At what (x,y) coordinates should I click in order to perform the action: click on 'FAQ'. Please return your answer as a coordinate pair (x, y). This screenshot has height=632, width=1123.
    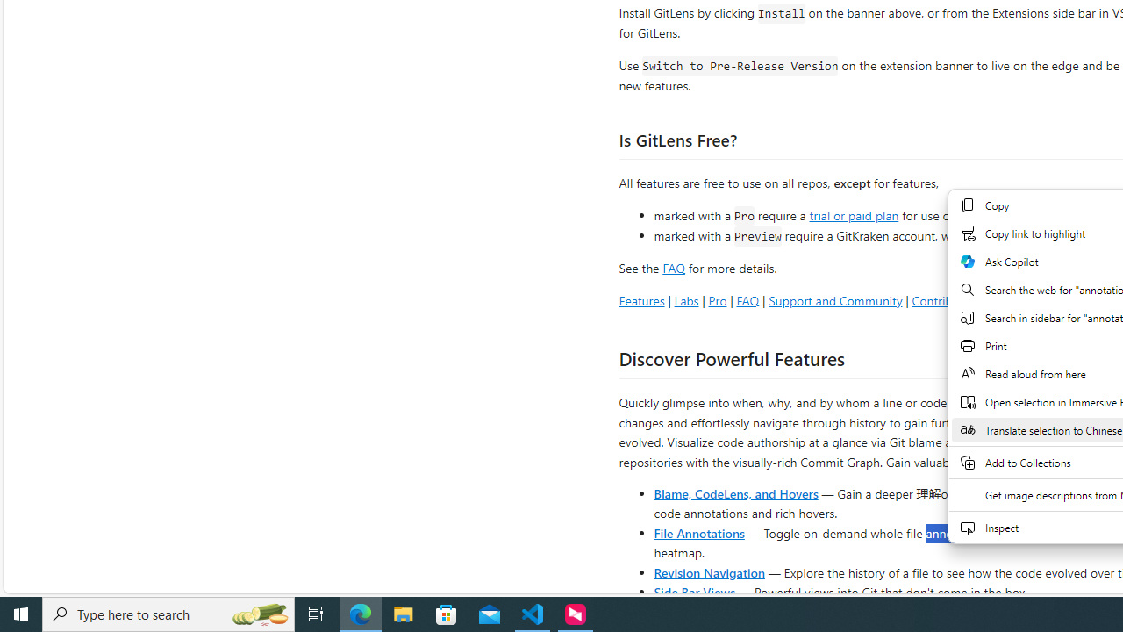
    Looking at the image, I should click on (747, 299).